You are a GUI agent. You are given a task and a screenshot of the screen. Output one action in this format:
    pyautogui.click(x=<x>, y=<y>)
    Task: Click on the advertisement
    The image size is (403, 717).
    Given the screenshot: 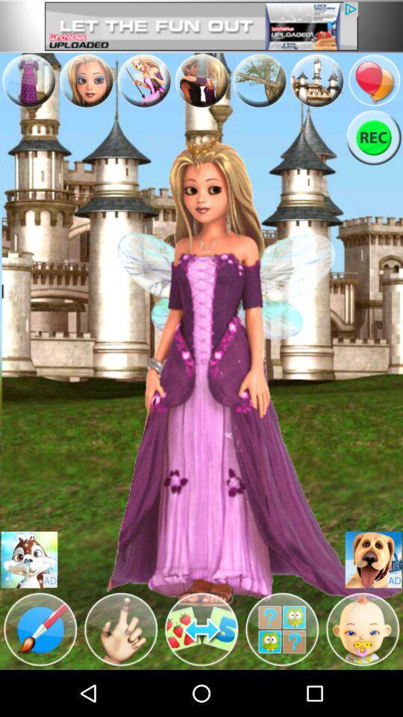 What is the action you would take?
    pyautogui.click(x=201, y=81)
    